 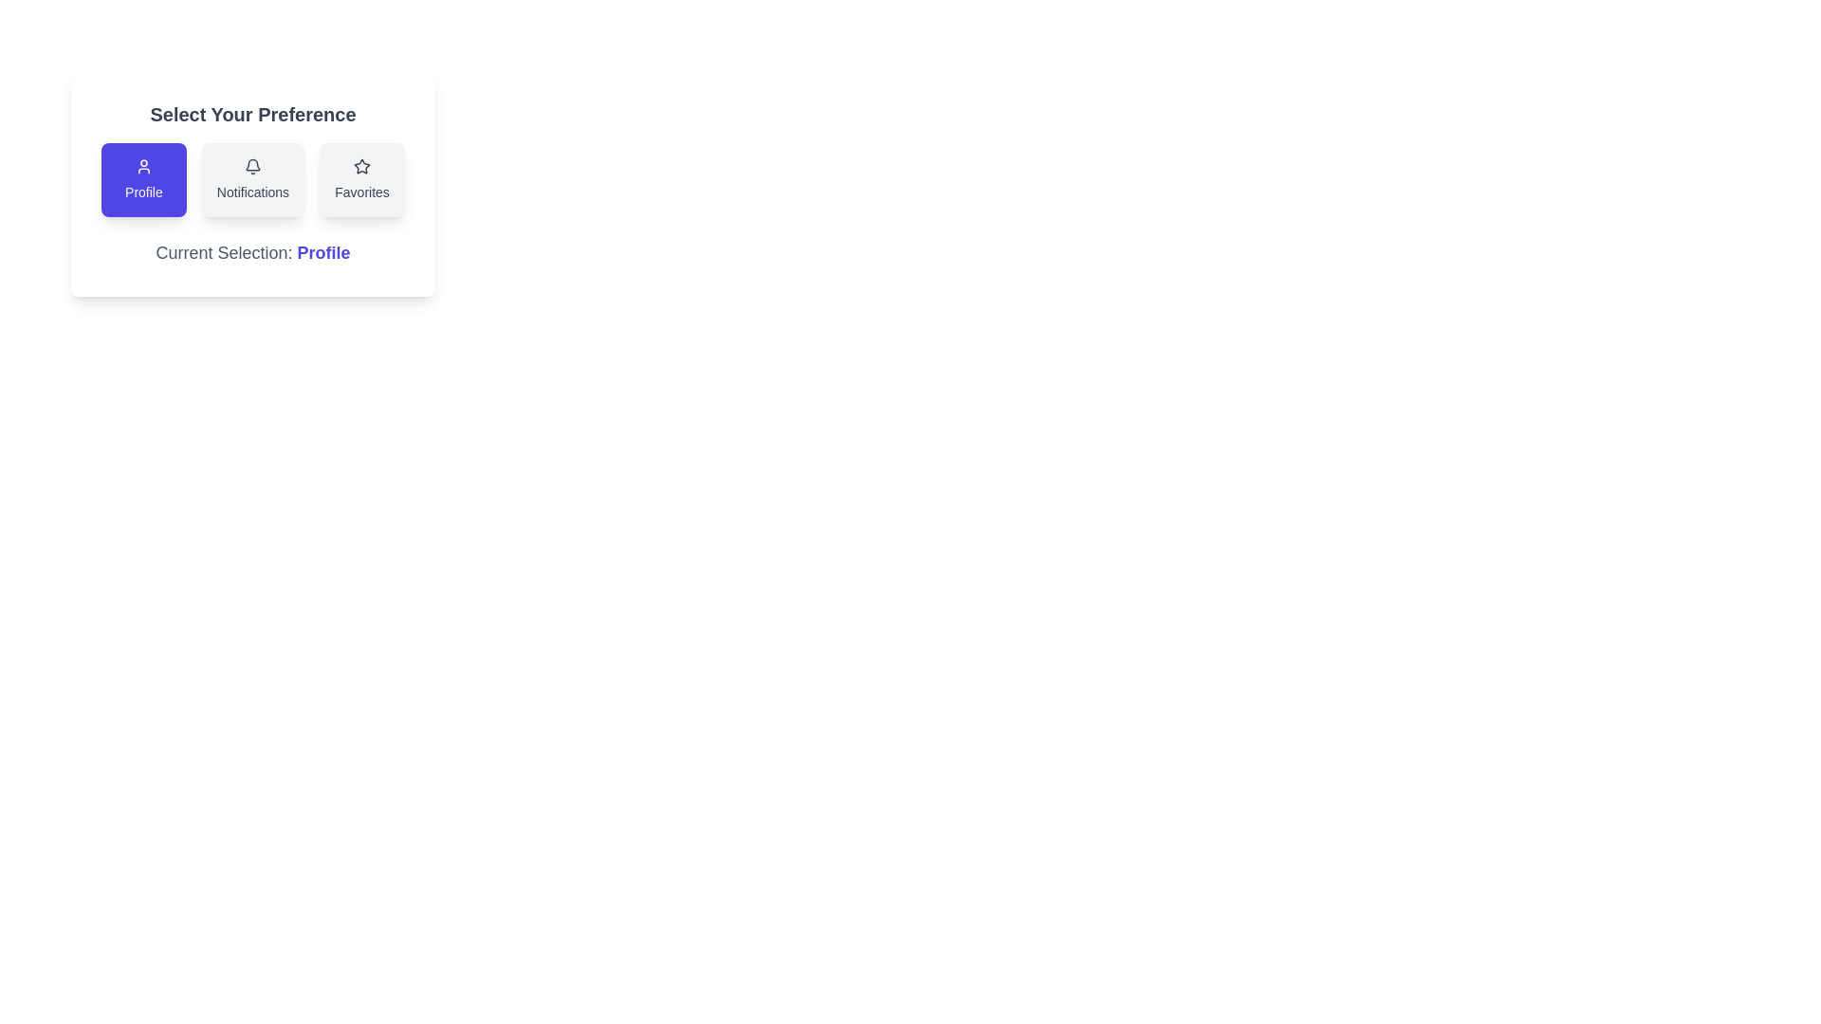 I want to click on the user profile icon, which is part of the 'Profile' button located in the top-left corner of the selection card, so click(x=142, y=166).